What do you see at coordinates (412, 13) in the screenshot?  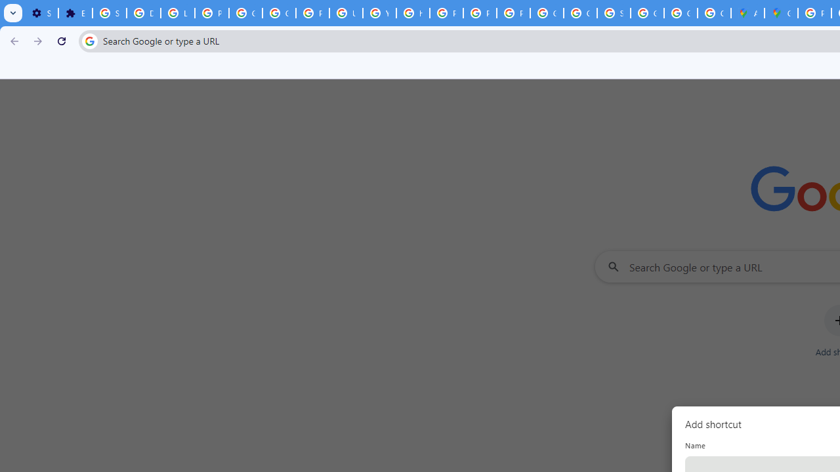 I see `'https://scholar.google.com/'` at bounding box center [412, 13].